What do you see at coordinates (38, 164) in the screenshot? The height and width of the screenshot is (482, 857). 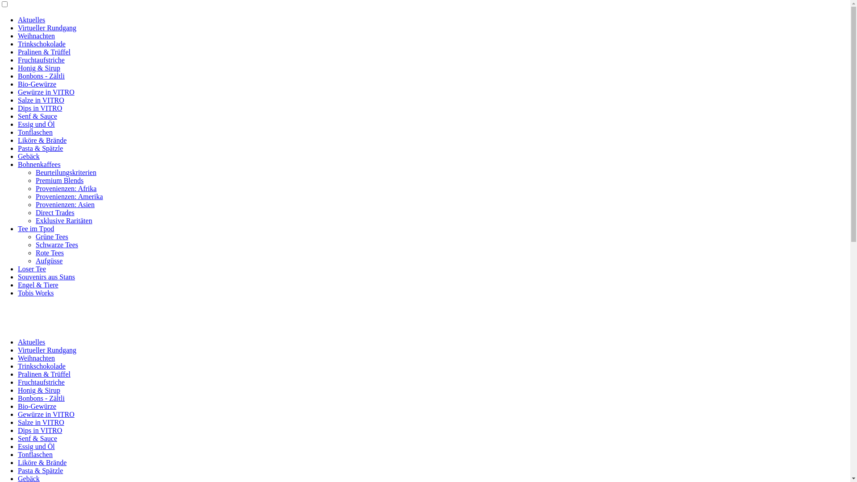 I see `'Bohnenkaffees'` at bounding box center [38, 164].